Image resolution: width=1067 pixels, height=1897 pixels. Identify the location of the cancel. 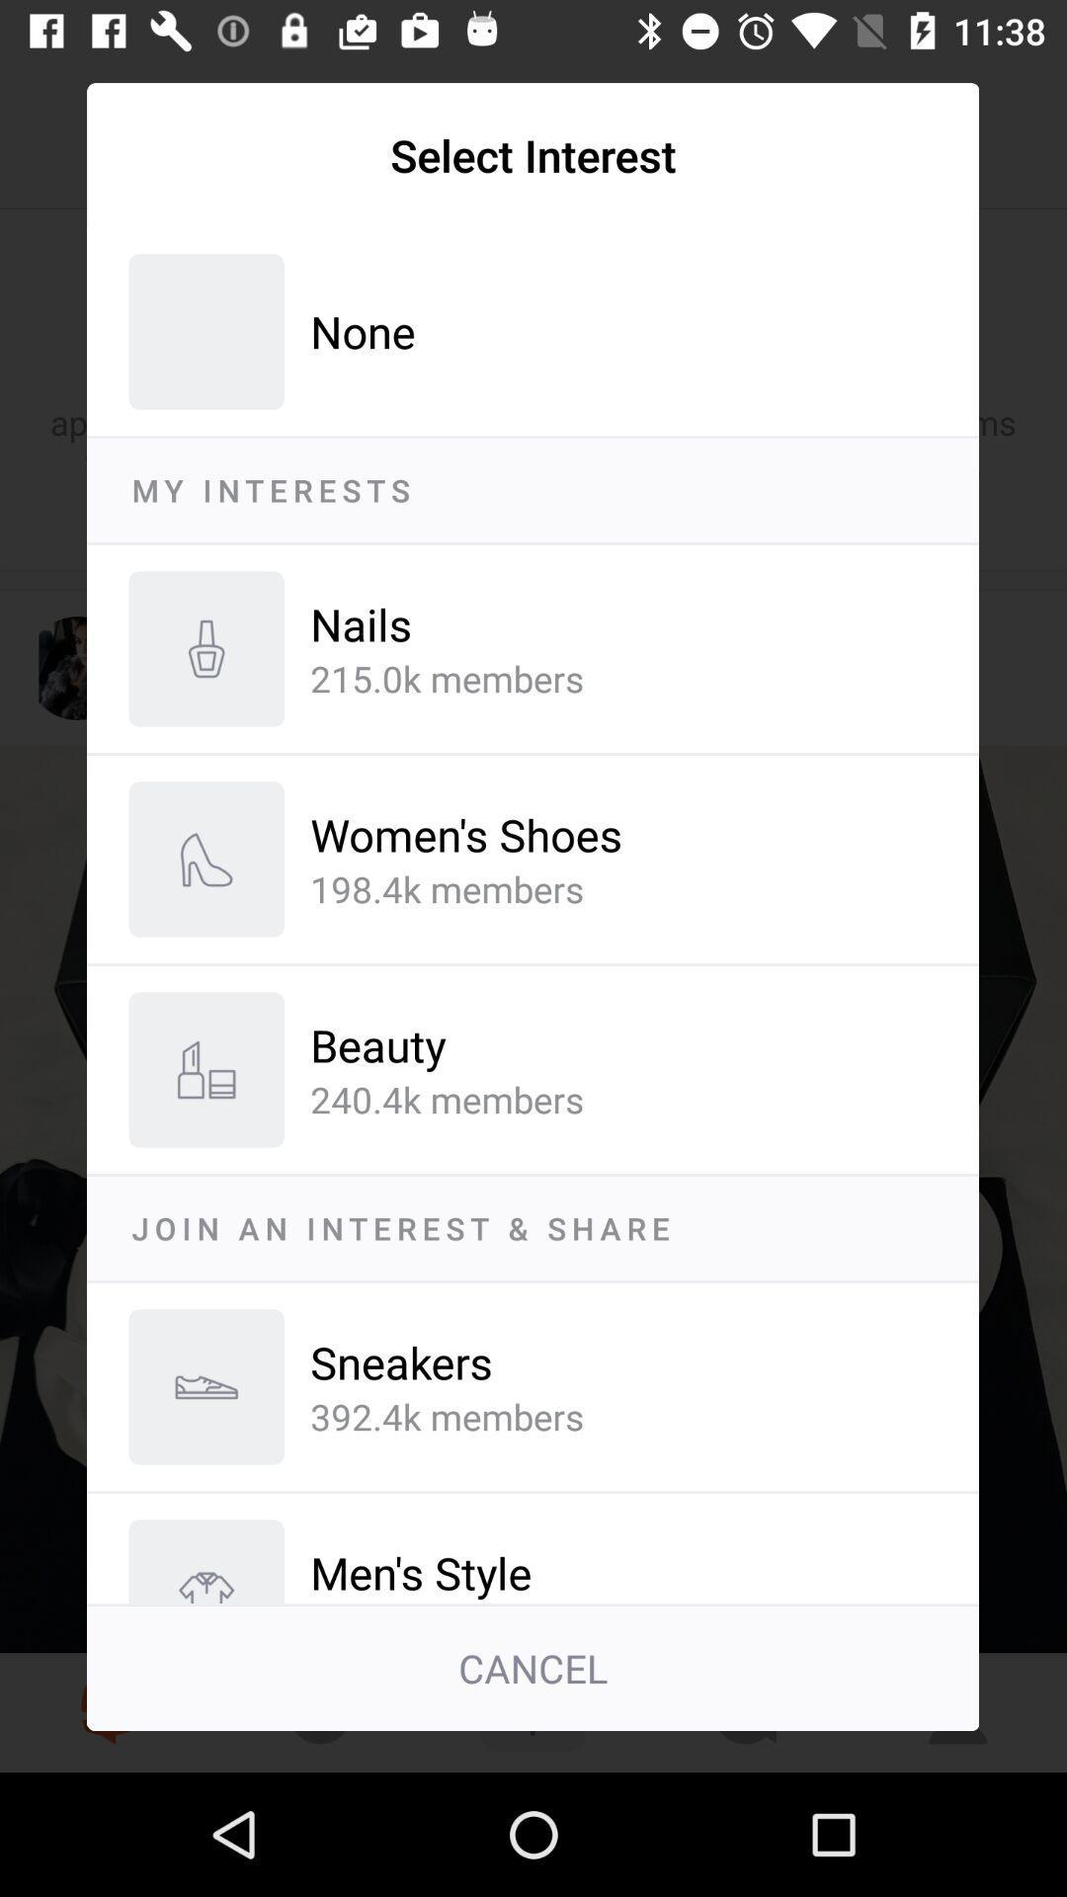
(533, 1668).